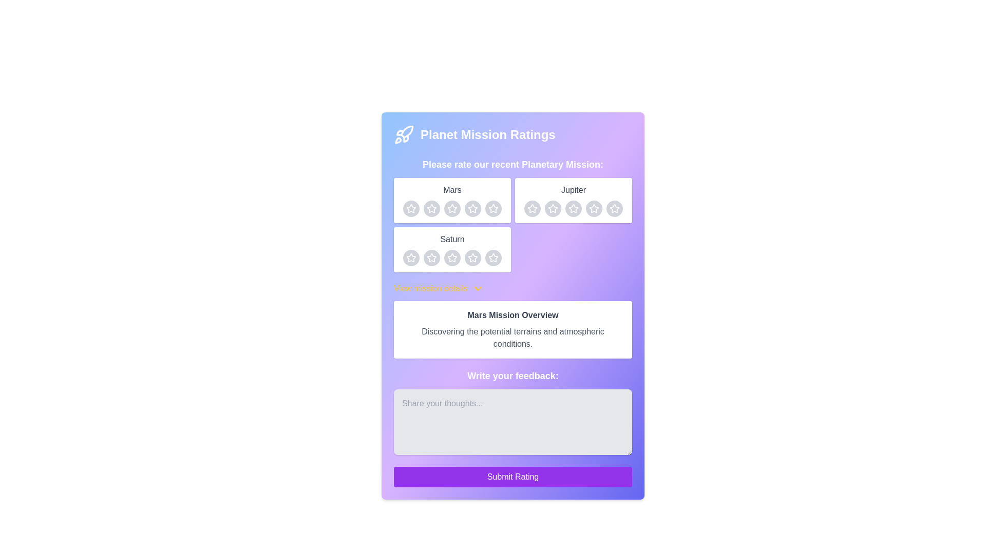  What do you see at coordinates (472, 257) in the screenshot?
I see `the third star button to rate Saturn with 3 stars in the 'Please rate our recent Planetary Mission' section` at bounding box center [472, 257].